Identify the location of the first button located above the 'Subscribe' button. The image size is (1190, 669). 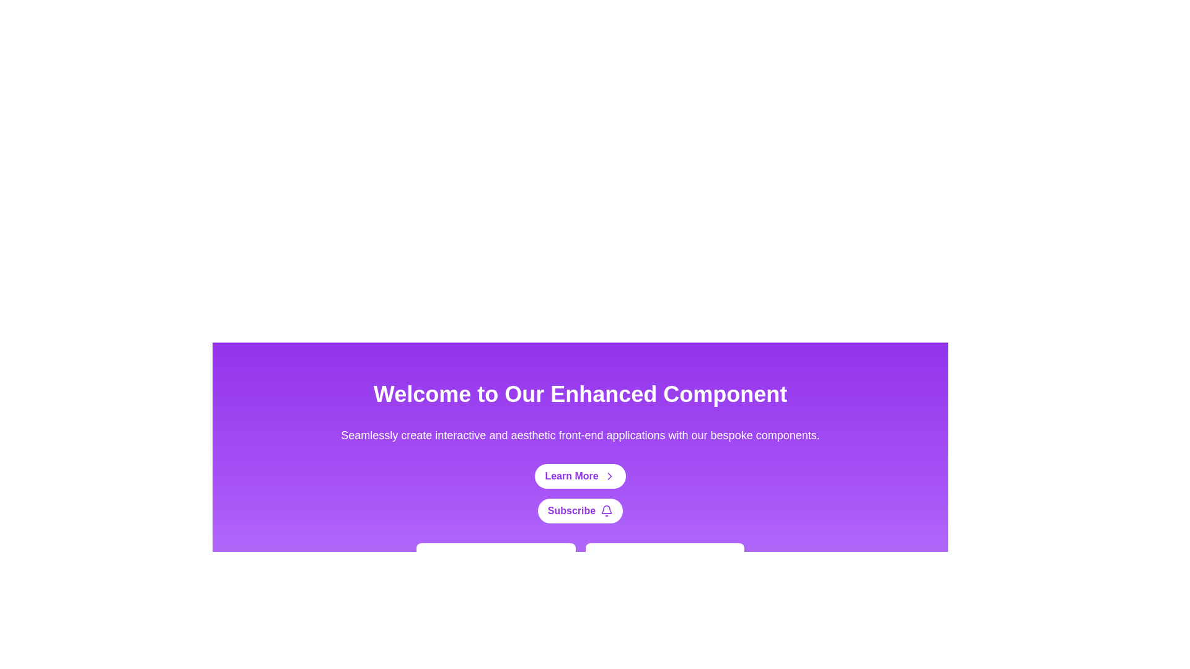
(580, 475).